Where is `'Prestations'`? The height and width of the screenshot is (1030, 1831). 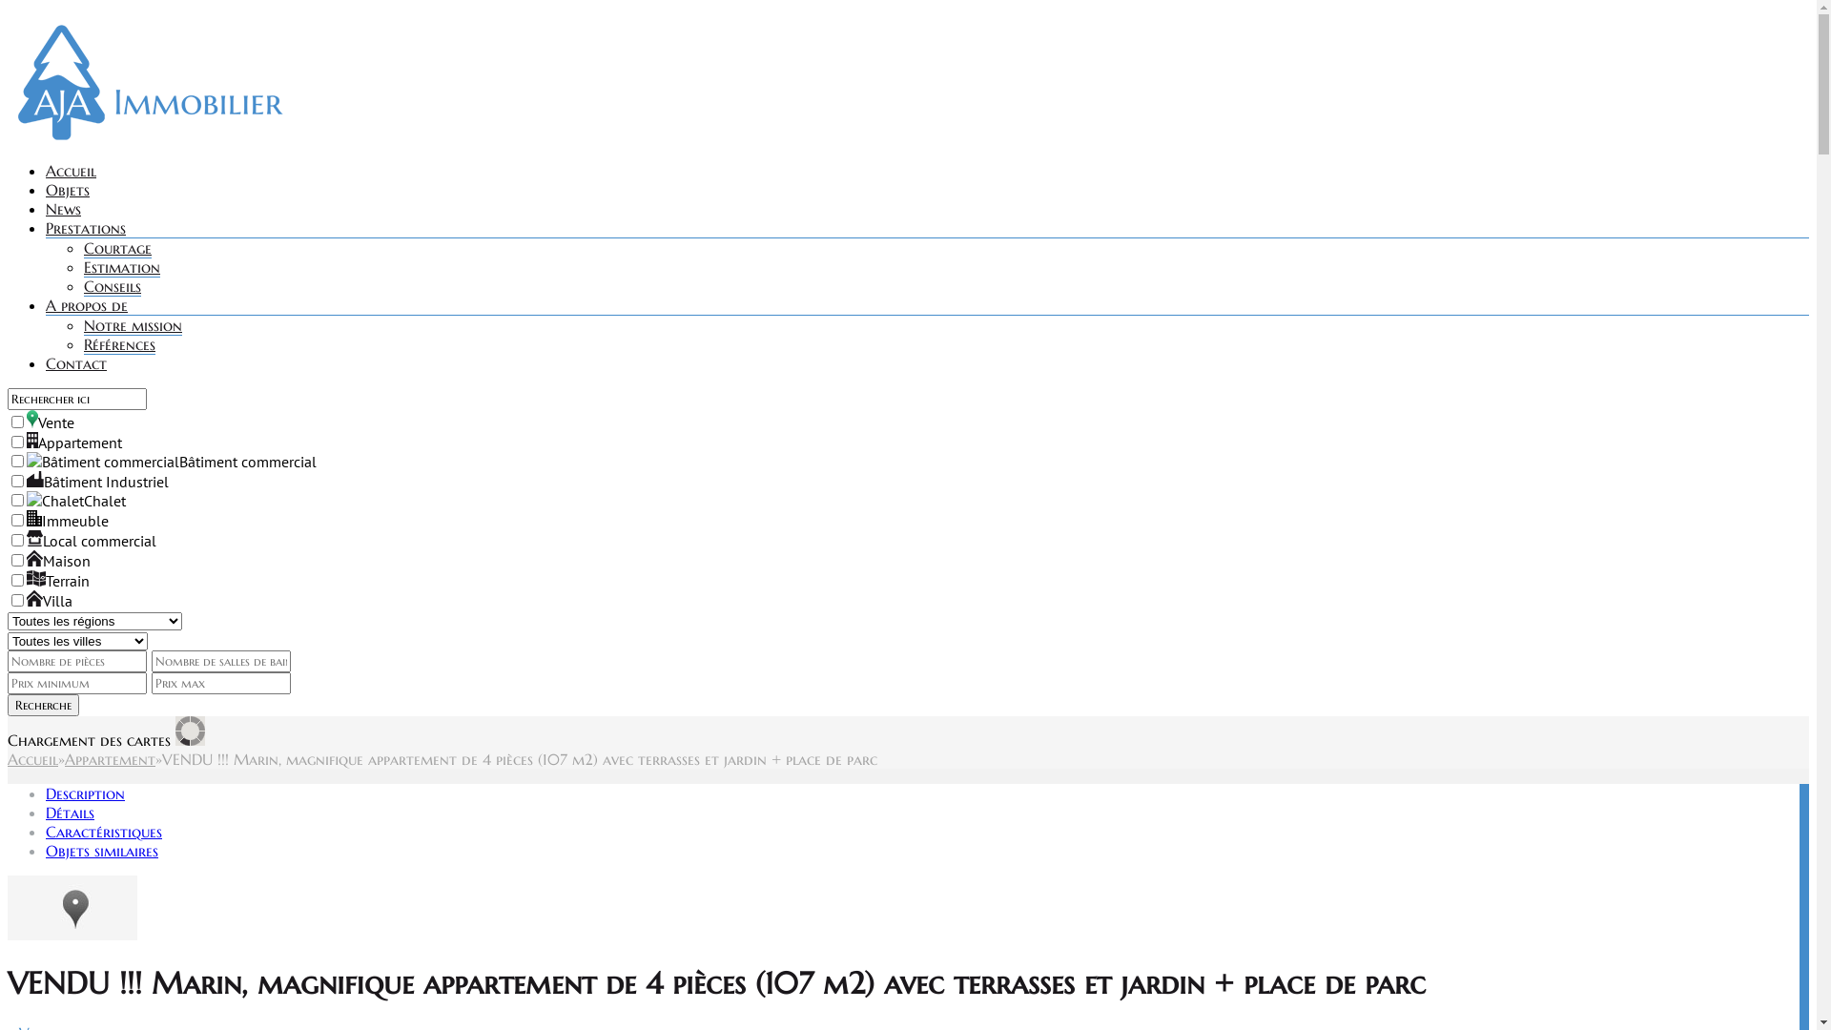
'Prestations' is located at coordinates (85, 227).